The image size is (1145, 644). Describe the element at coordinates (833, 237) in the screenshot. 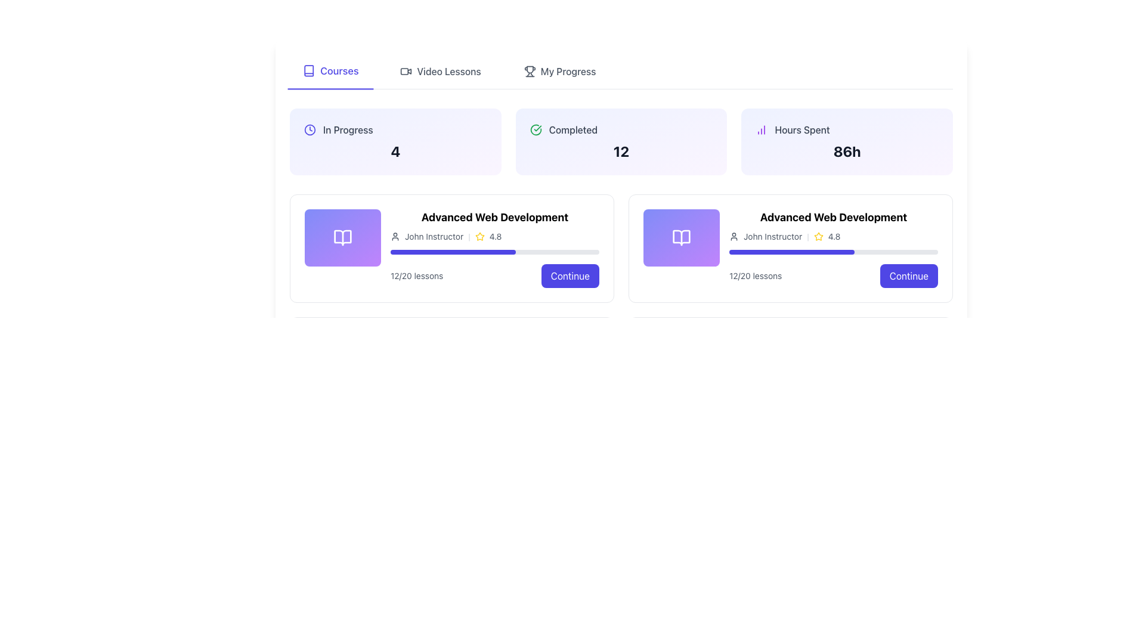

I see `the text element displaying 'John Instructor' and rating '4.8' with a yellow star icon` at that location.